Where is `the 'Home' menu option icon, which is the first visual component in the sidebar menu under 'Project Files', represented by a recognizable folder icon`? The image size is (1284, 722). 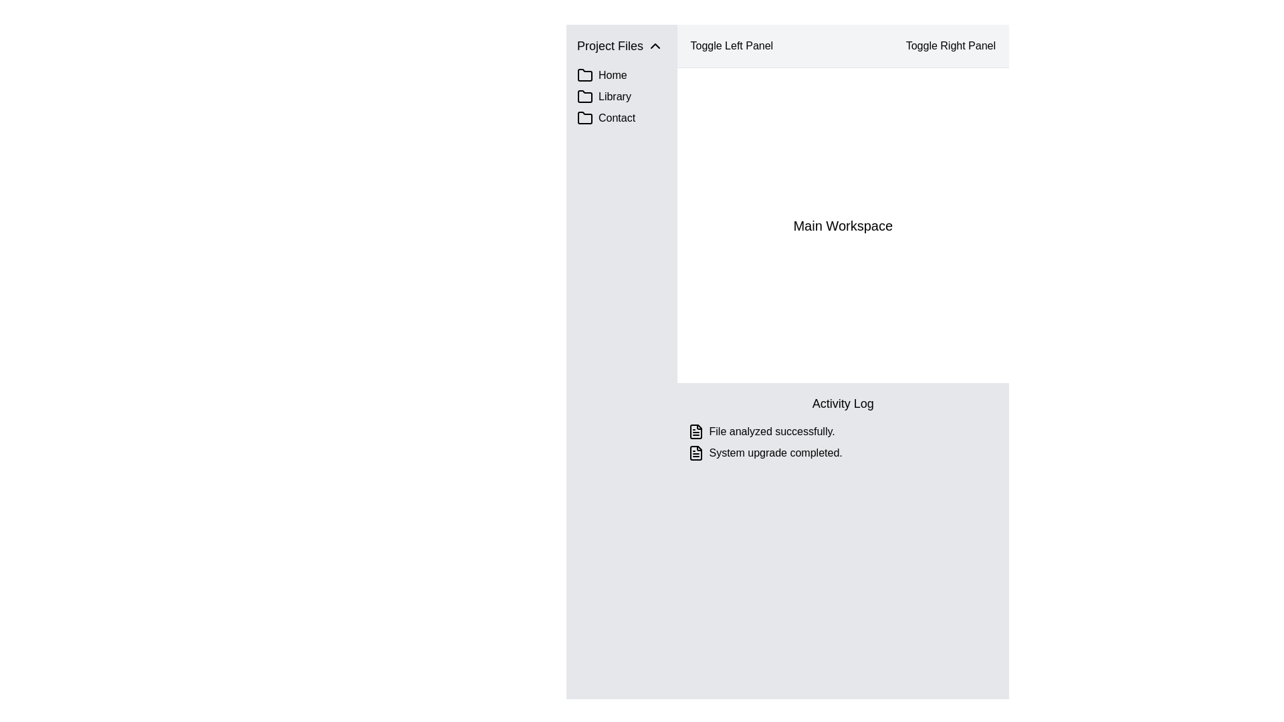
the 'Home' menu option icon, which is the first visual component in the sidebar menu under 'Project Files', represented by a recognizable folder icon is located at coordinates (584, 75).